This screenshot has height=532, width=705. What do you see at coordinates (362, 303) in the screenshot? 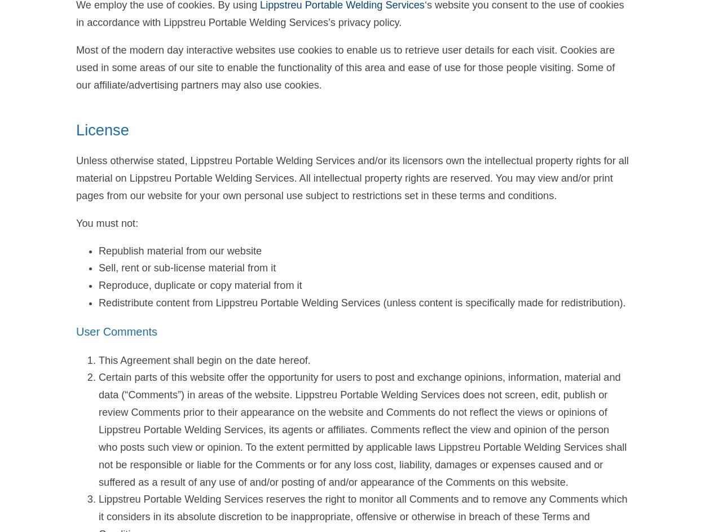
I see `'Redistribute content from Lippstreu Portable Welding Services (unless content is specifically made for redistribution).'` at bounding box center [362, 303].